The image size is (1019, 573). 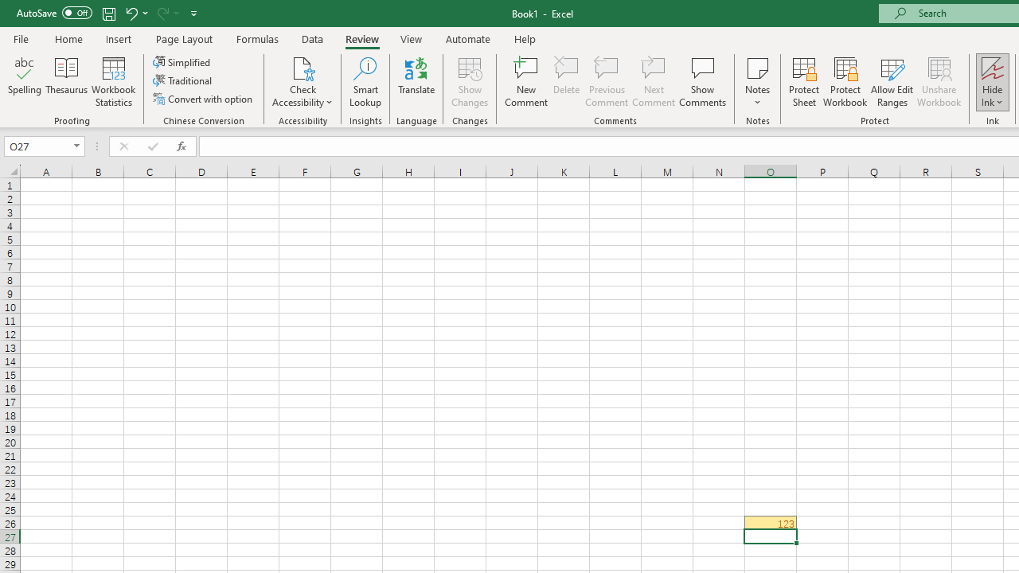 What do you see at coordinates (654, 82) in the screenshot?
I see `'Next Comment'` at bounding box center [654, 82].